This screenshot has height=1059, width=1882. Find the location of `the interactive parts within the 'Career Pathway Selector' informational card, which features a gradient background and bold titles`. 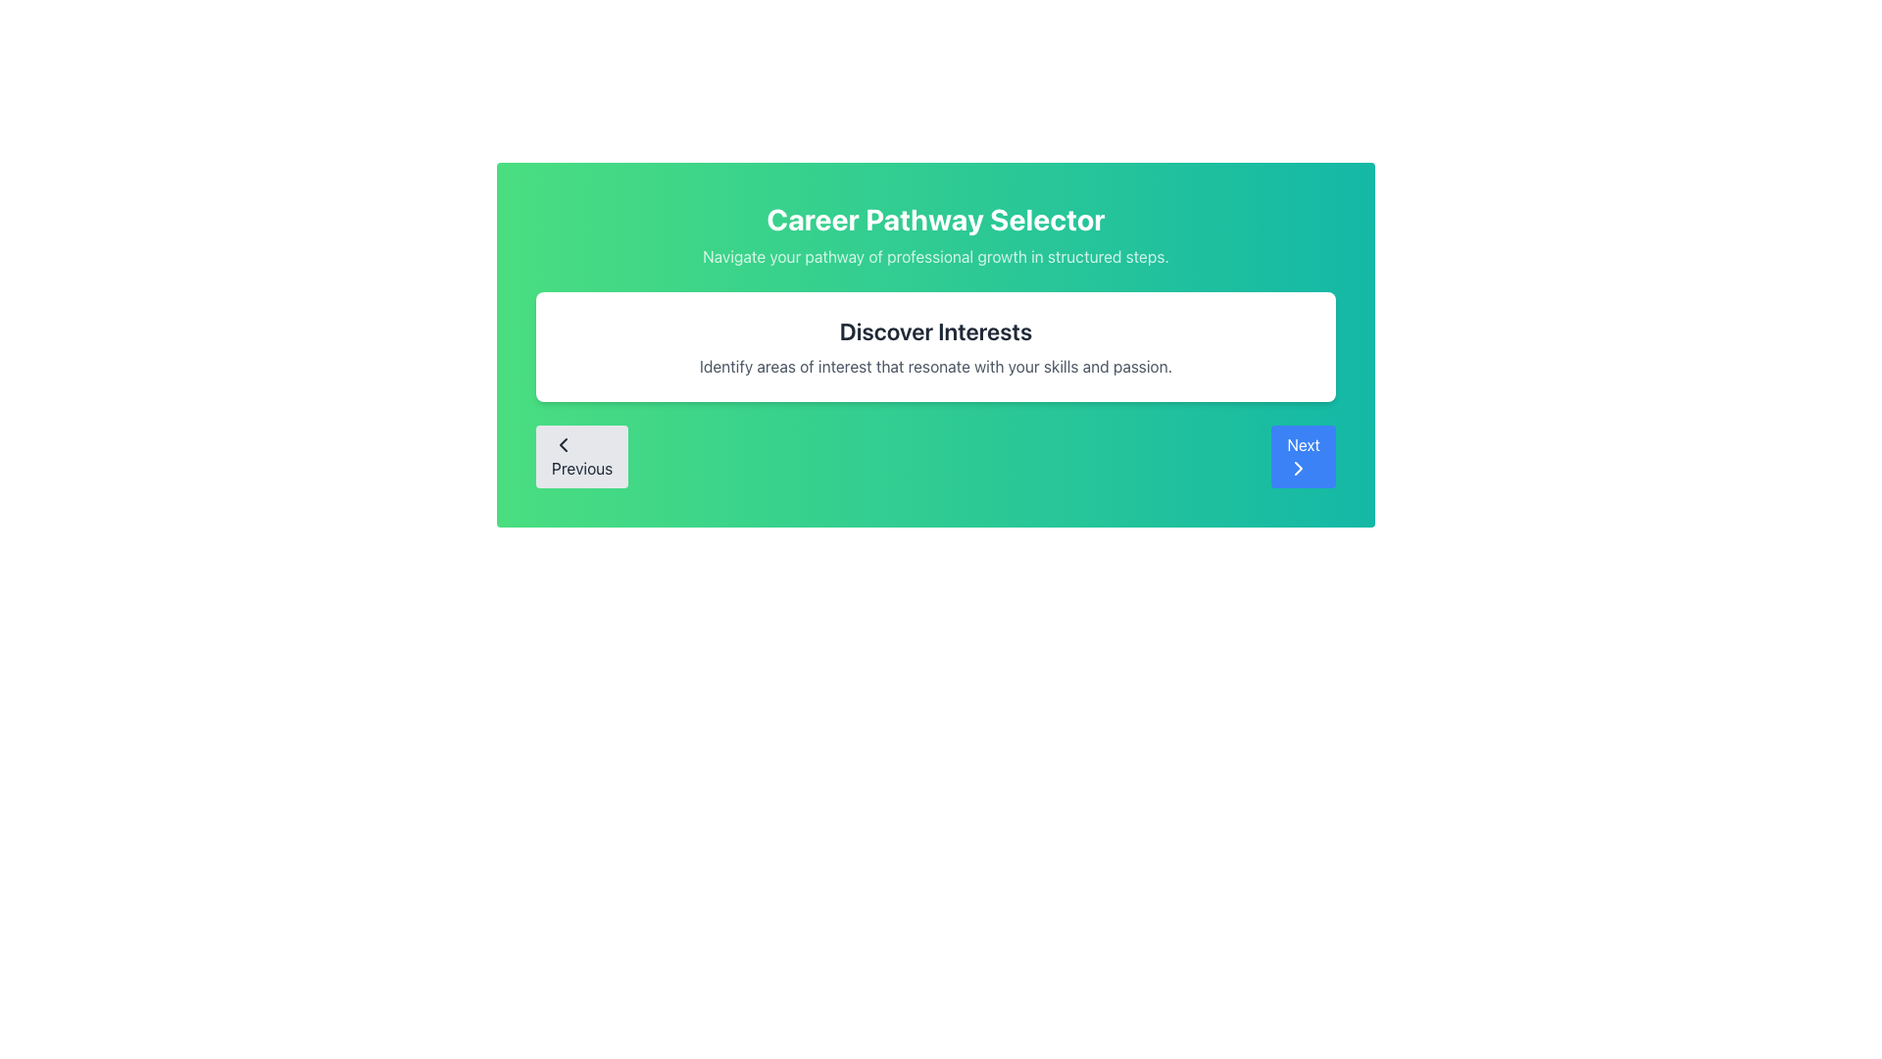

the interactive parts within the 'Career Pathway Selector' informational card, which features a gradient background and bold titles is located at coordinates (935, 343).